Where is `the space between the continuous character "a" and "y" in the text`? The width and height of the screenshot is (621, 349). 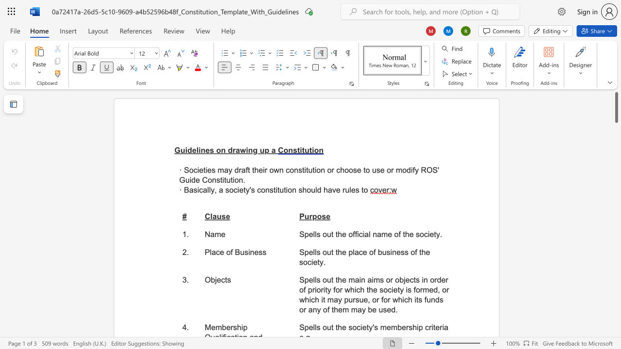 the space between the continuous character "a" and "y" in the text is located at coordinates (228, 170).